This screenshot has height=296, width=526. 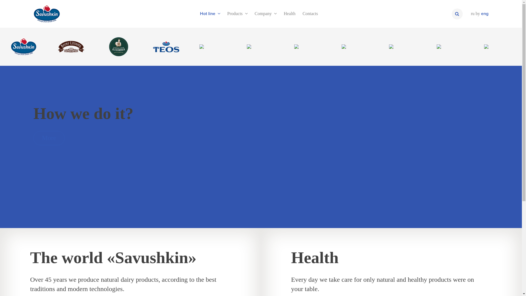 What do you see at coordinates (33, 13) in the screenshot?
I see `'Savushkin_logo_eng.png'` at bounding box center [33, 13].